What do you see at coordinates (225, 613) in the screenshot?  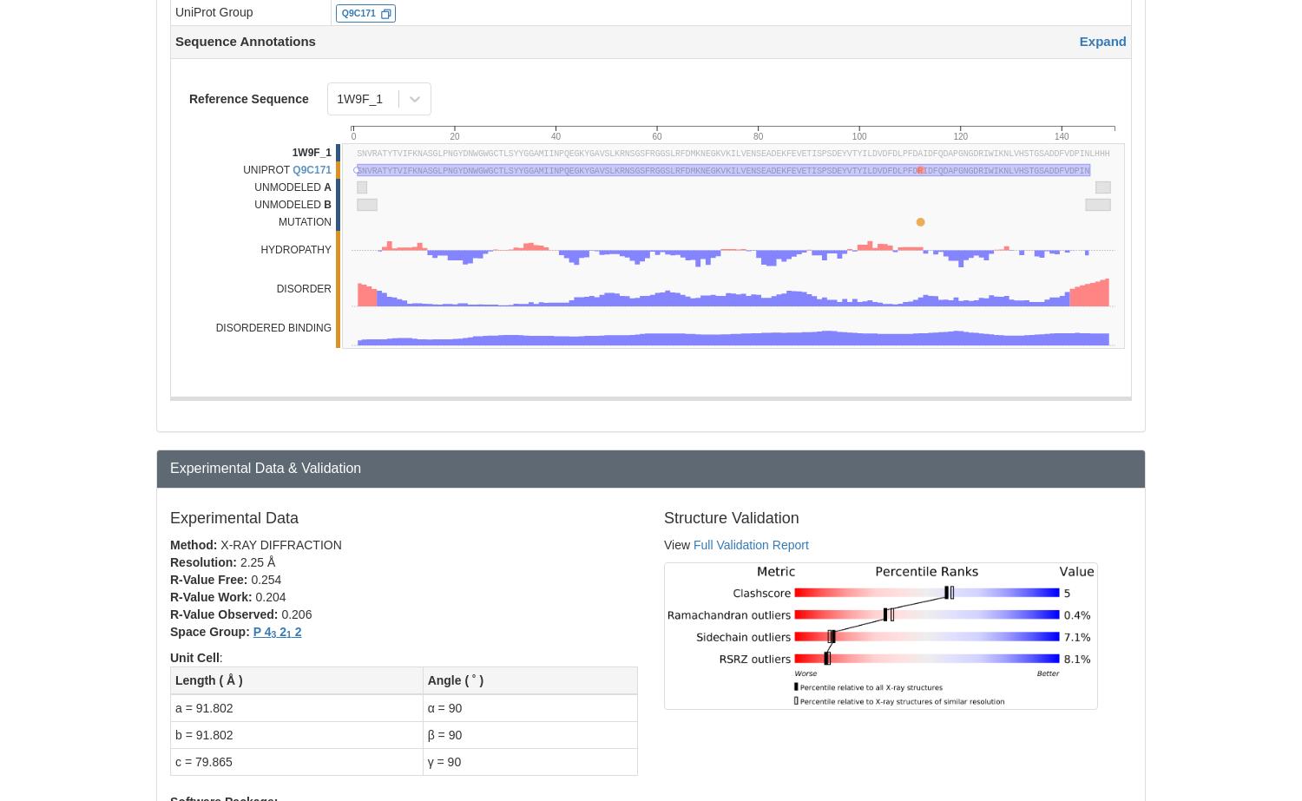 I see `'R-Value Observed:'` at bounding box center [225, 613].